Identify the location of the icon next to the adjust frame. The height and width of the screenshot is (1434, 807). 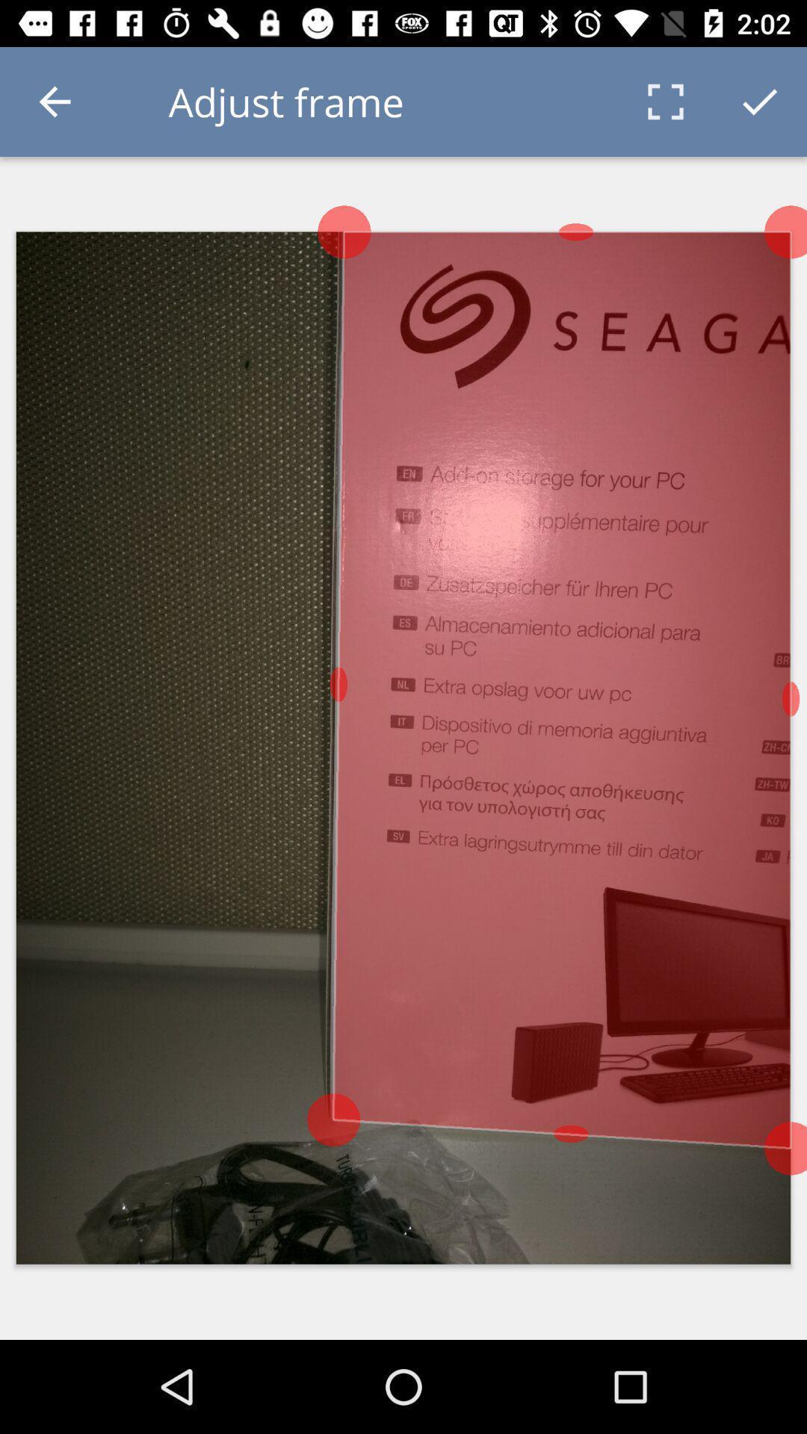
(665, 101).